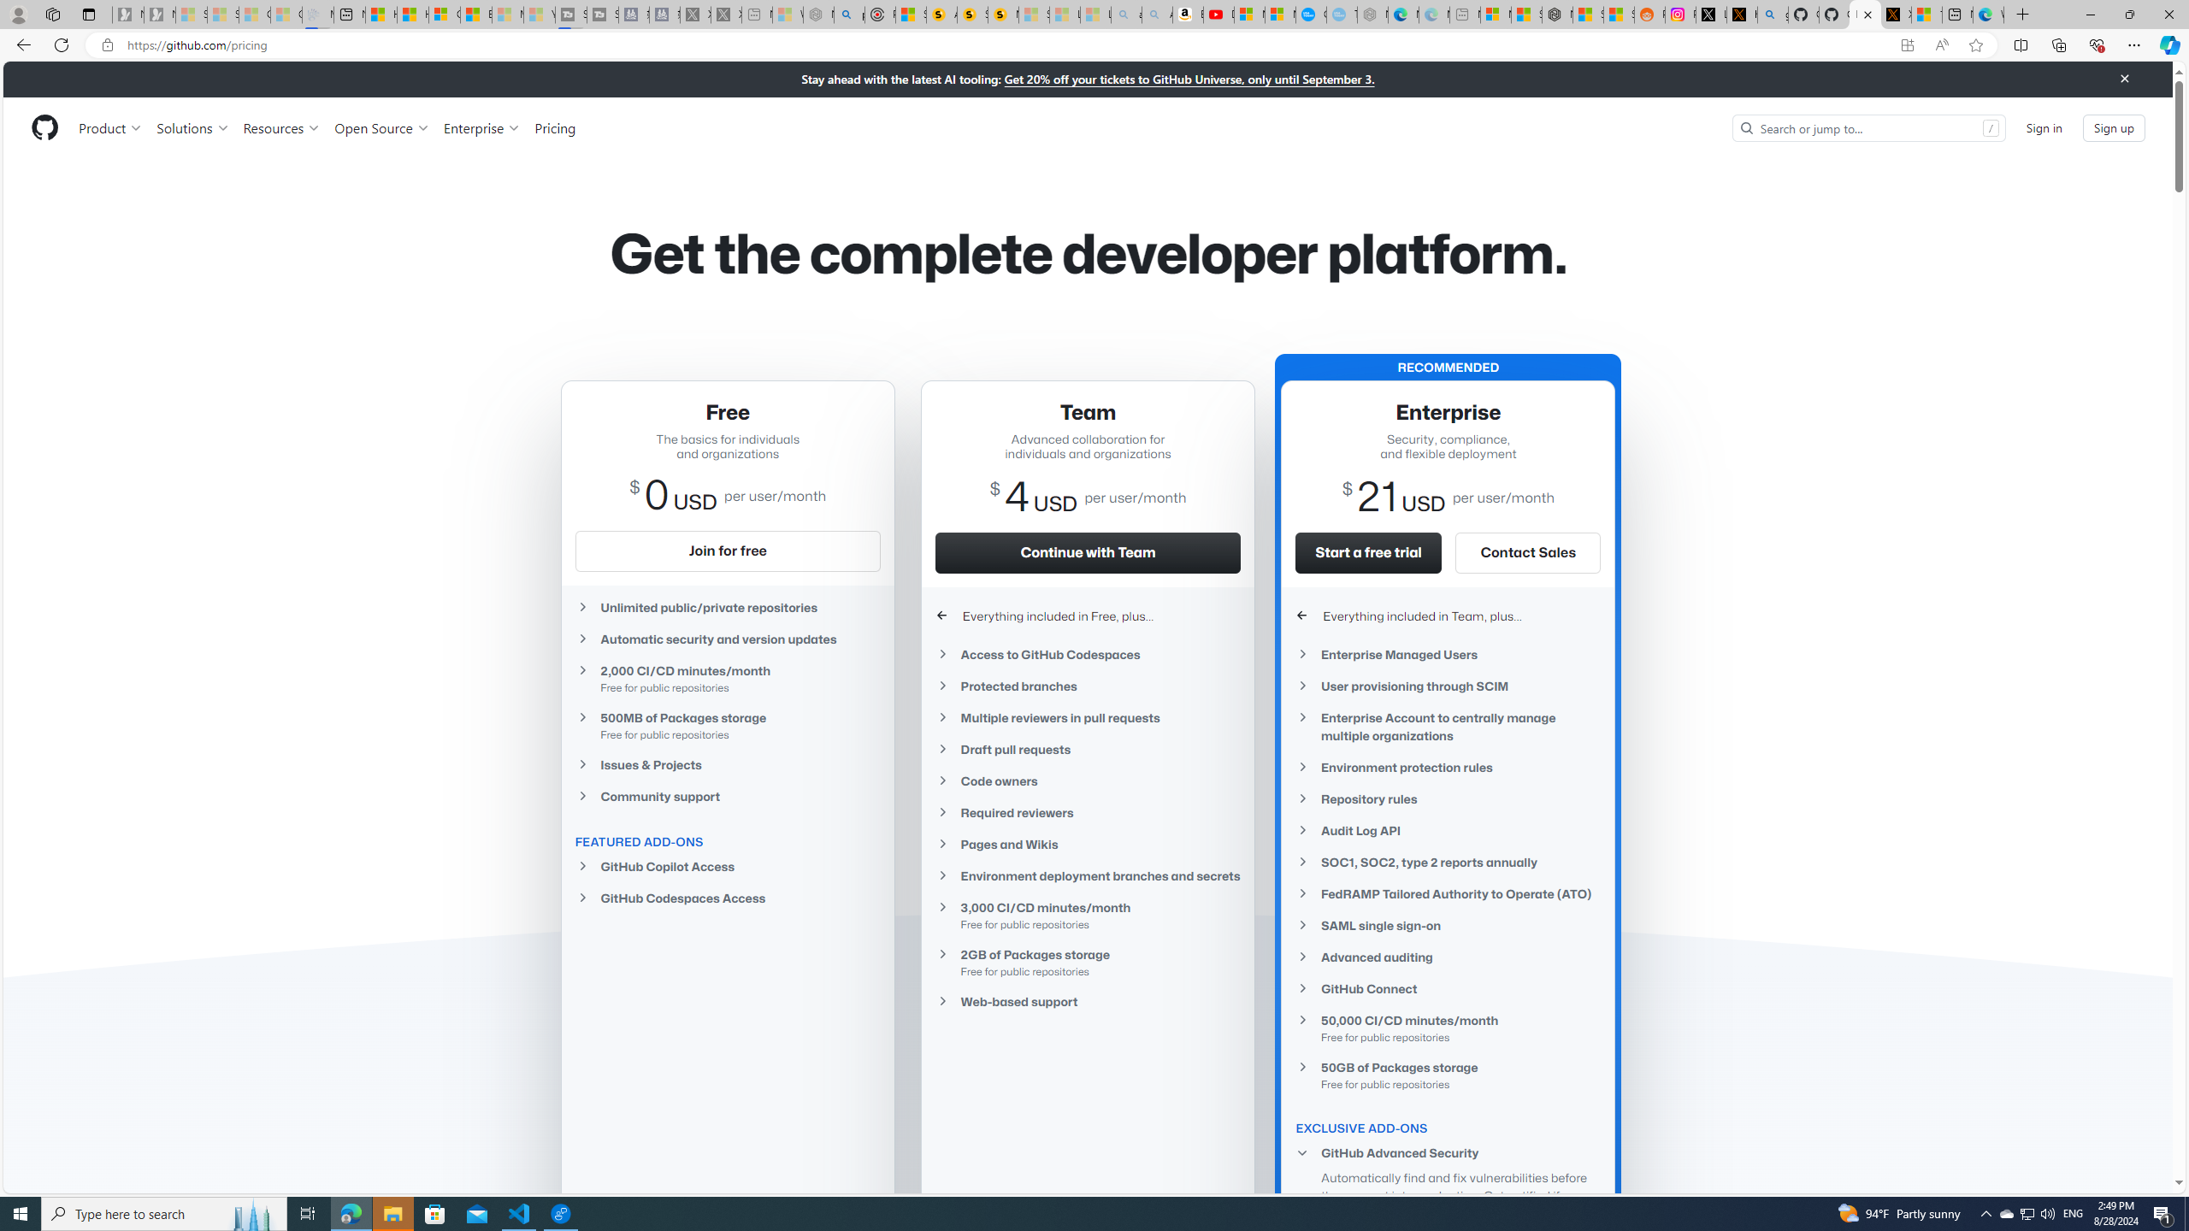 Image resolution: width=2189 pixels, height=1231 pixels. What do you see at coordinates (1448, 924) in the screenshot?
I see `'SAML single sign-on'` at bounding box center [1448, 924].